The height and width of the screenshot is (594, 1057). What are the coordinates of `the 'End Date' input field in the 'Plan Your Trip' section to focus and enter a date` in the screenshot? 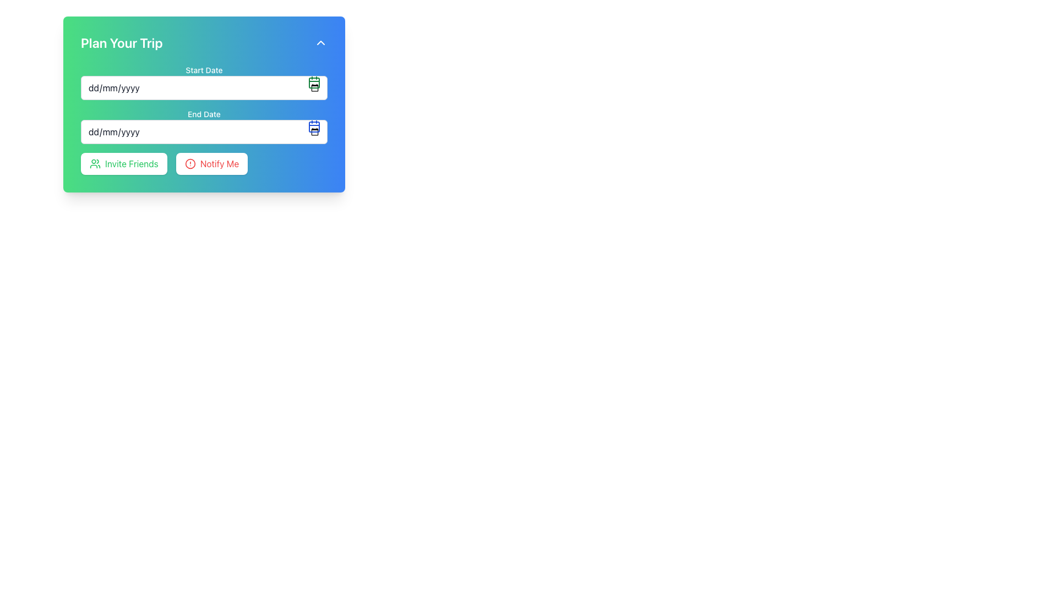 It's located at (204, 131).